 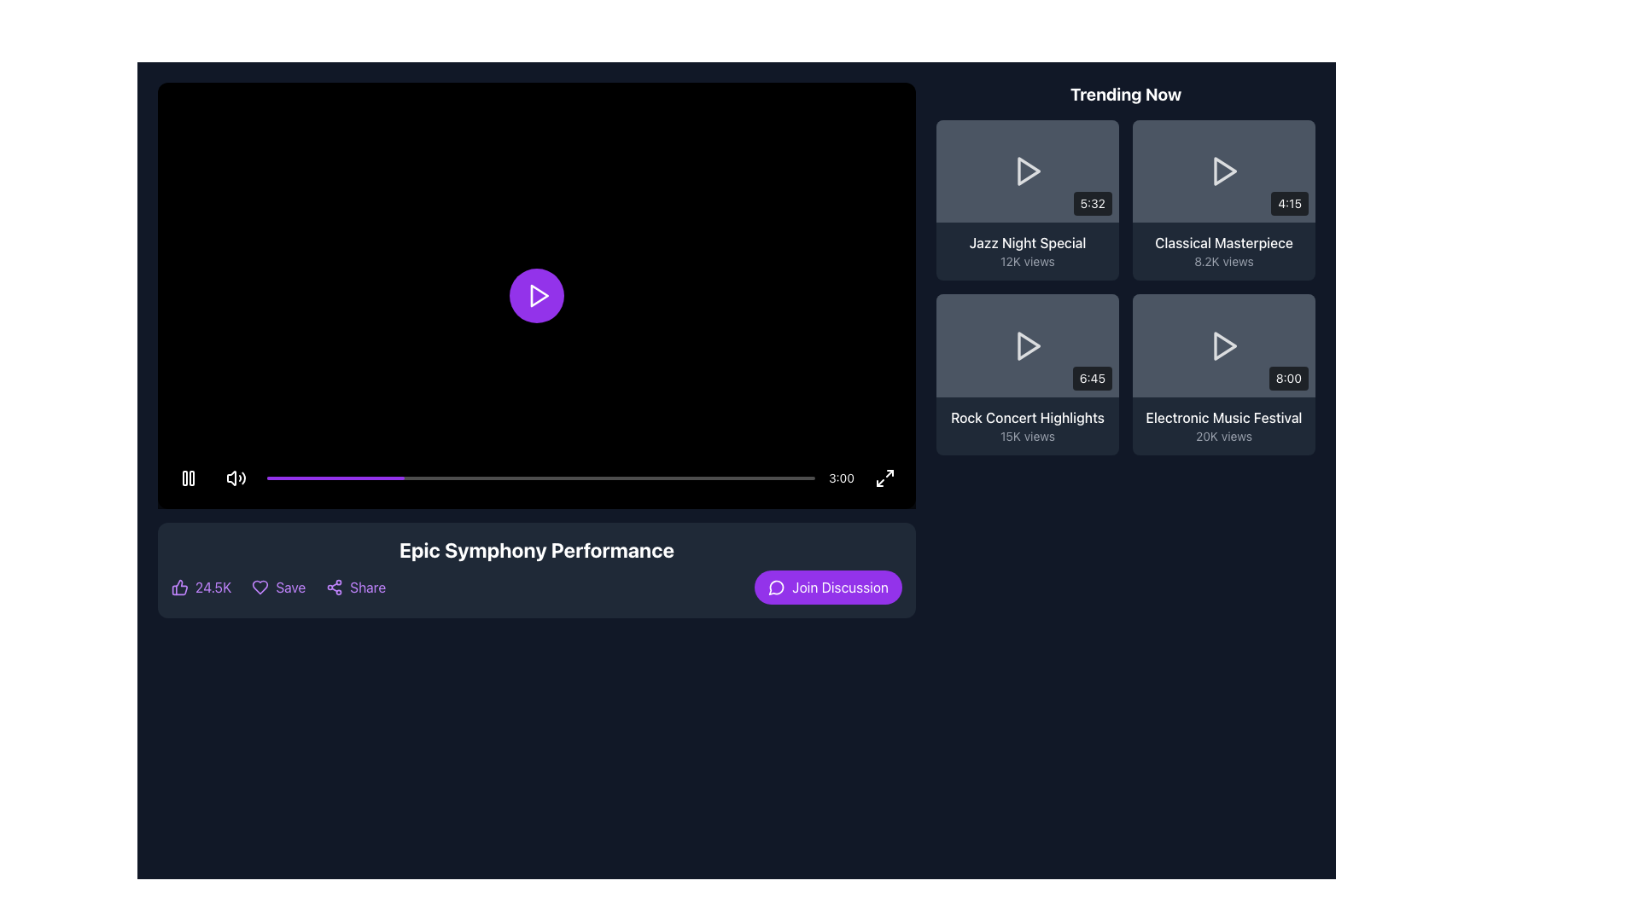 What do you see at coordinates (535, 294) in the screenshot?
I see `the play button located at the center of the video player interface` at bounding box center [535, 294].